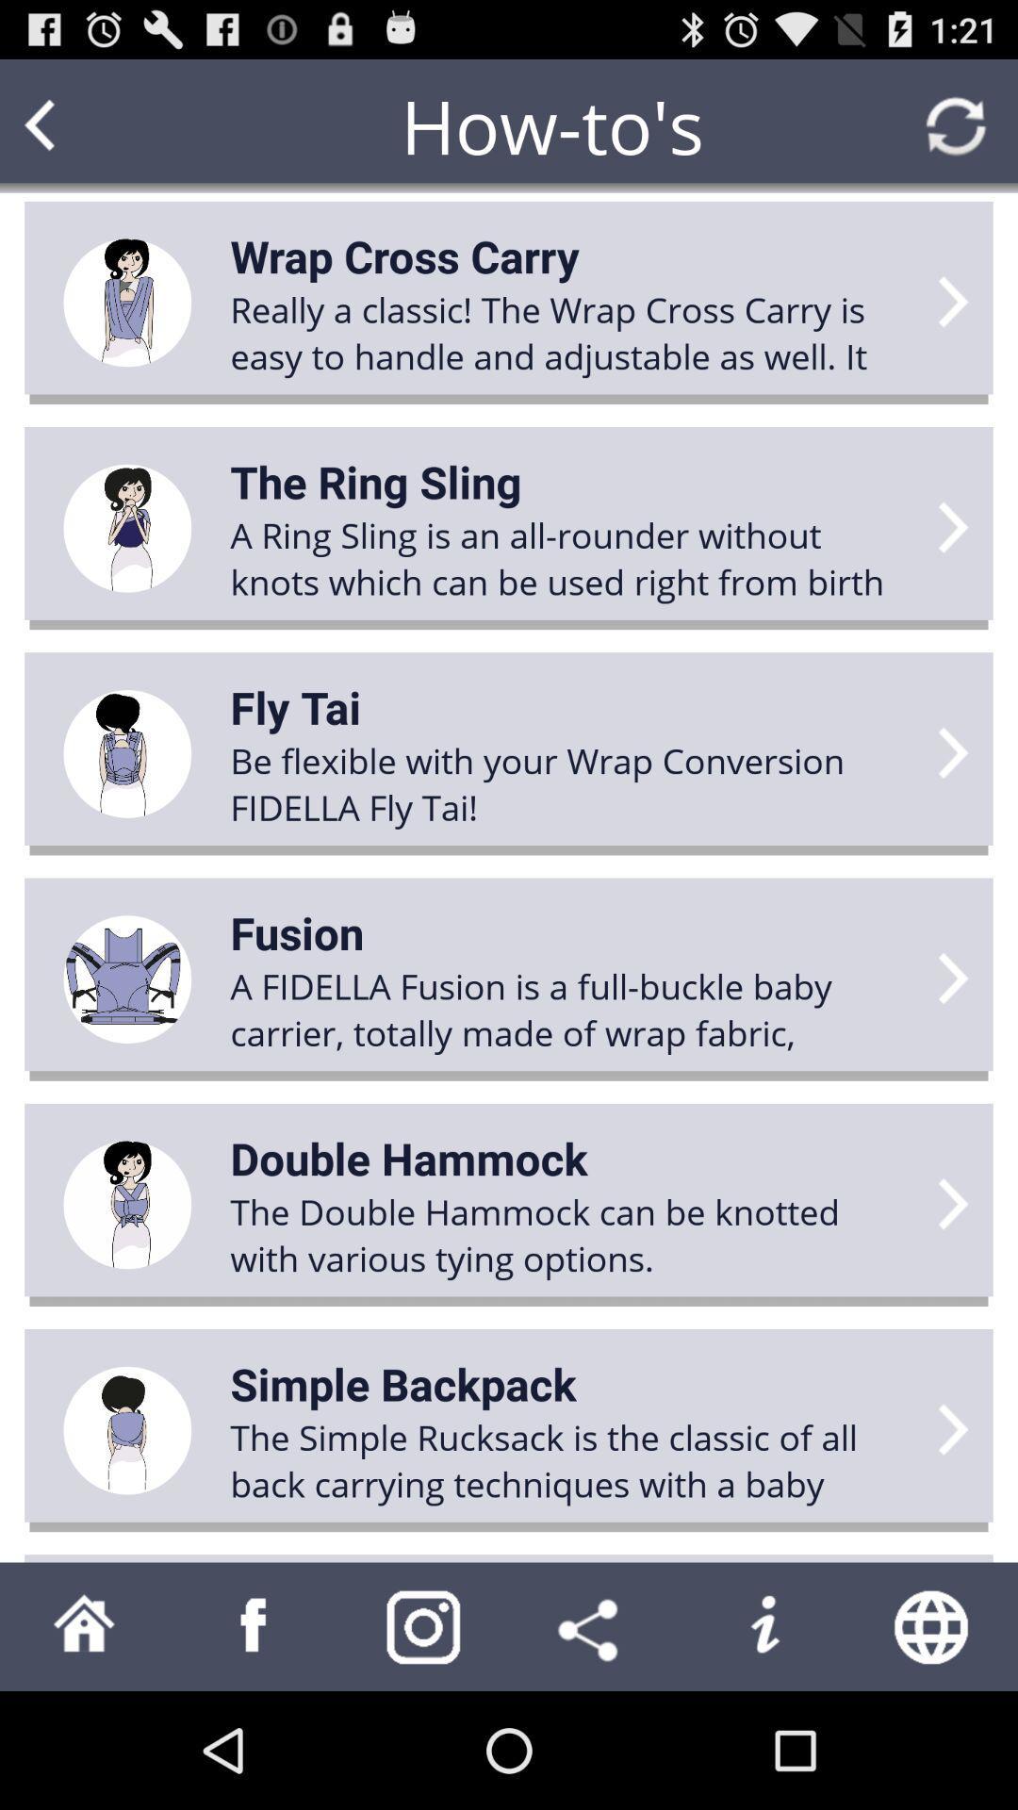 The height and width of the screenshot is (1810, 1018). What do you see at coordinates (571, 1008) in the screenshot?
I see `a fidella fusion icon` at bounding box center [571, 1008].